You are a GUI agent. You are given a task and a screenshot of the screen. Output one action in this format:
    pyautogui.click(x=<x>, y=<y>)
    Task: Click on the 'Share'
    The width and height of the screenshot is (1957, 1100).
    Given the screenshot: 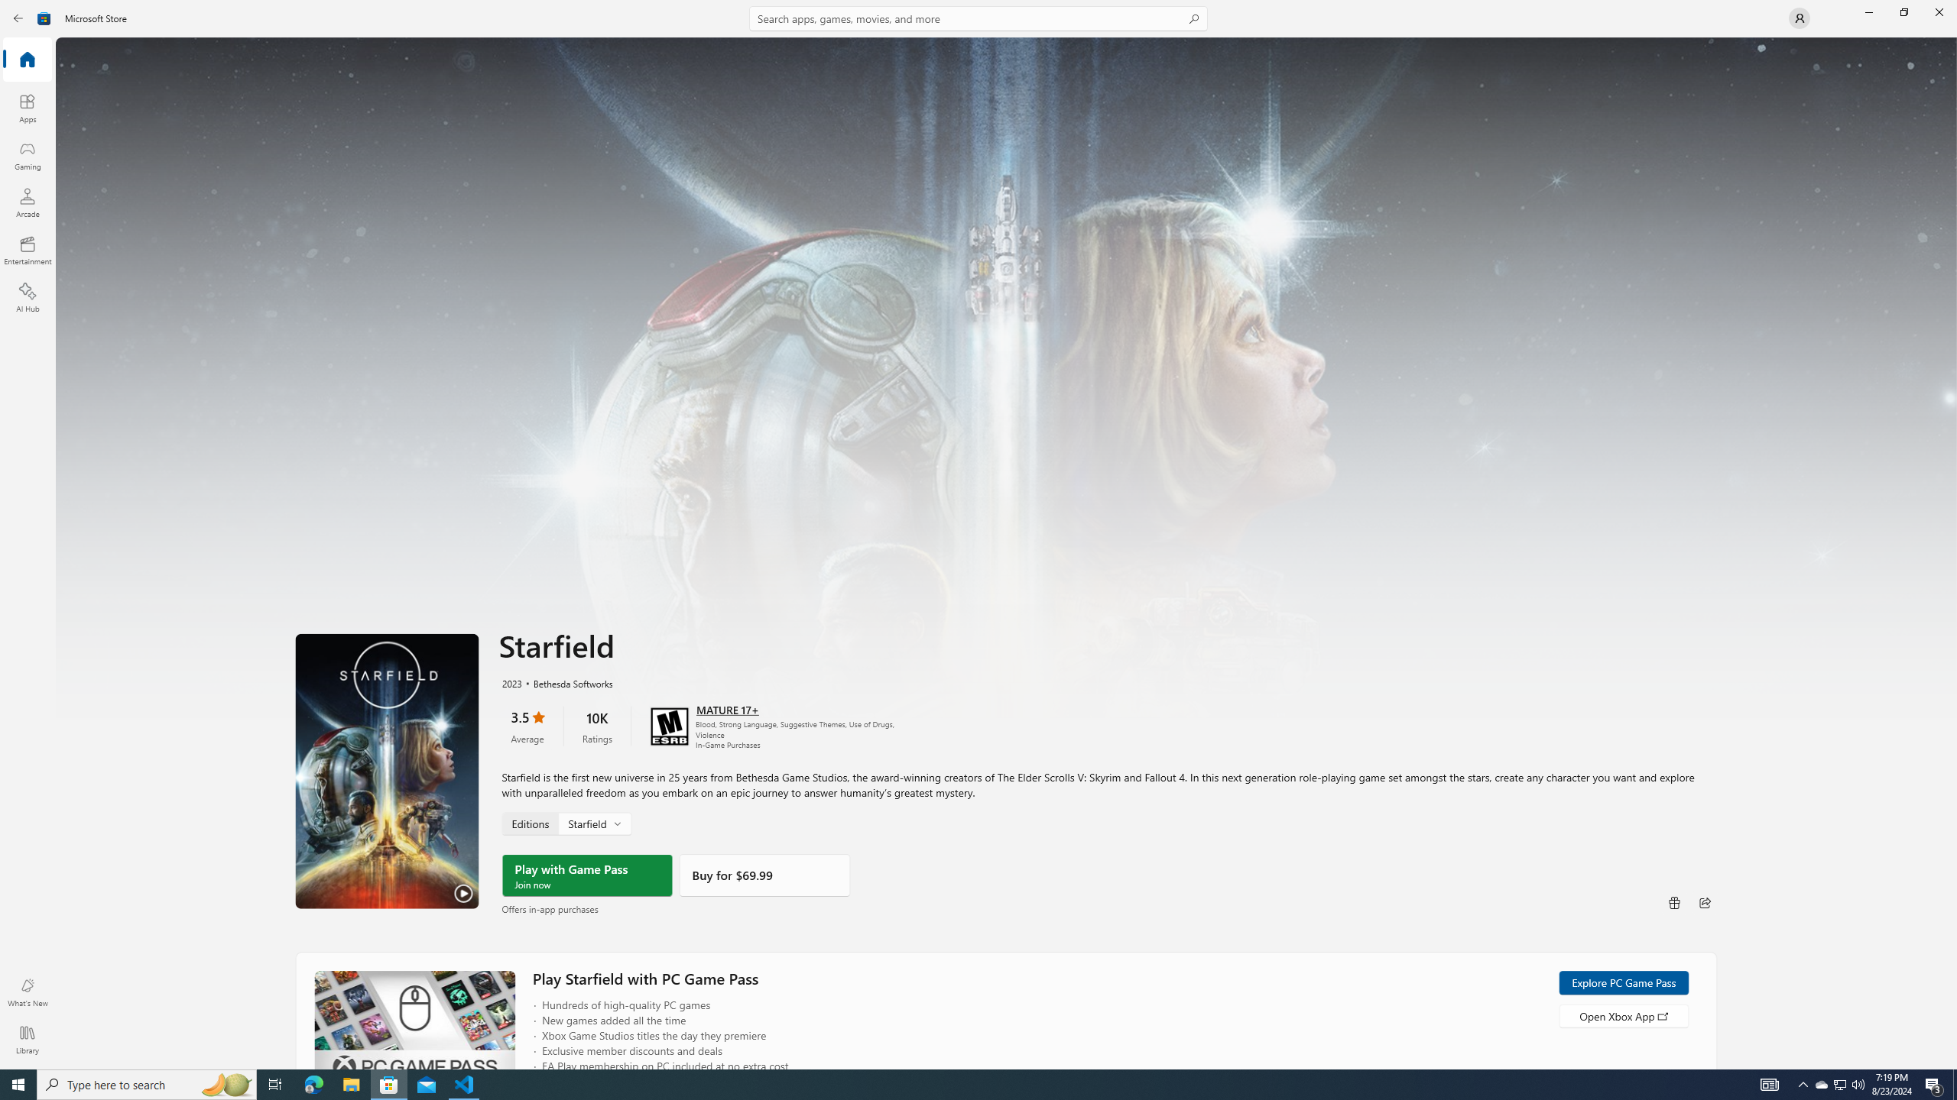 What is the action you would take?
    pyautogui.click(x=1704, y=901)
    